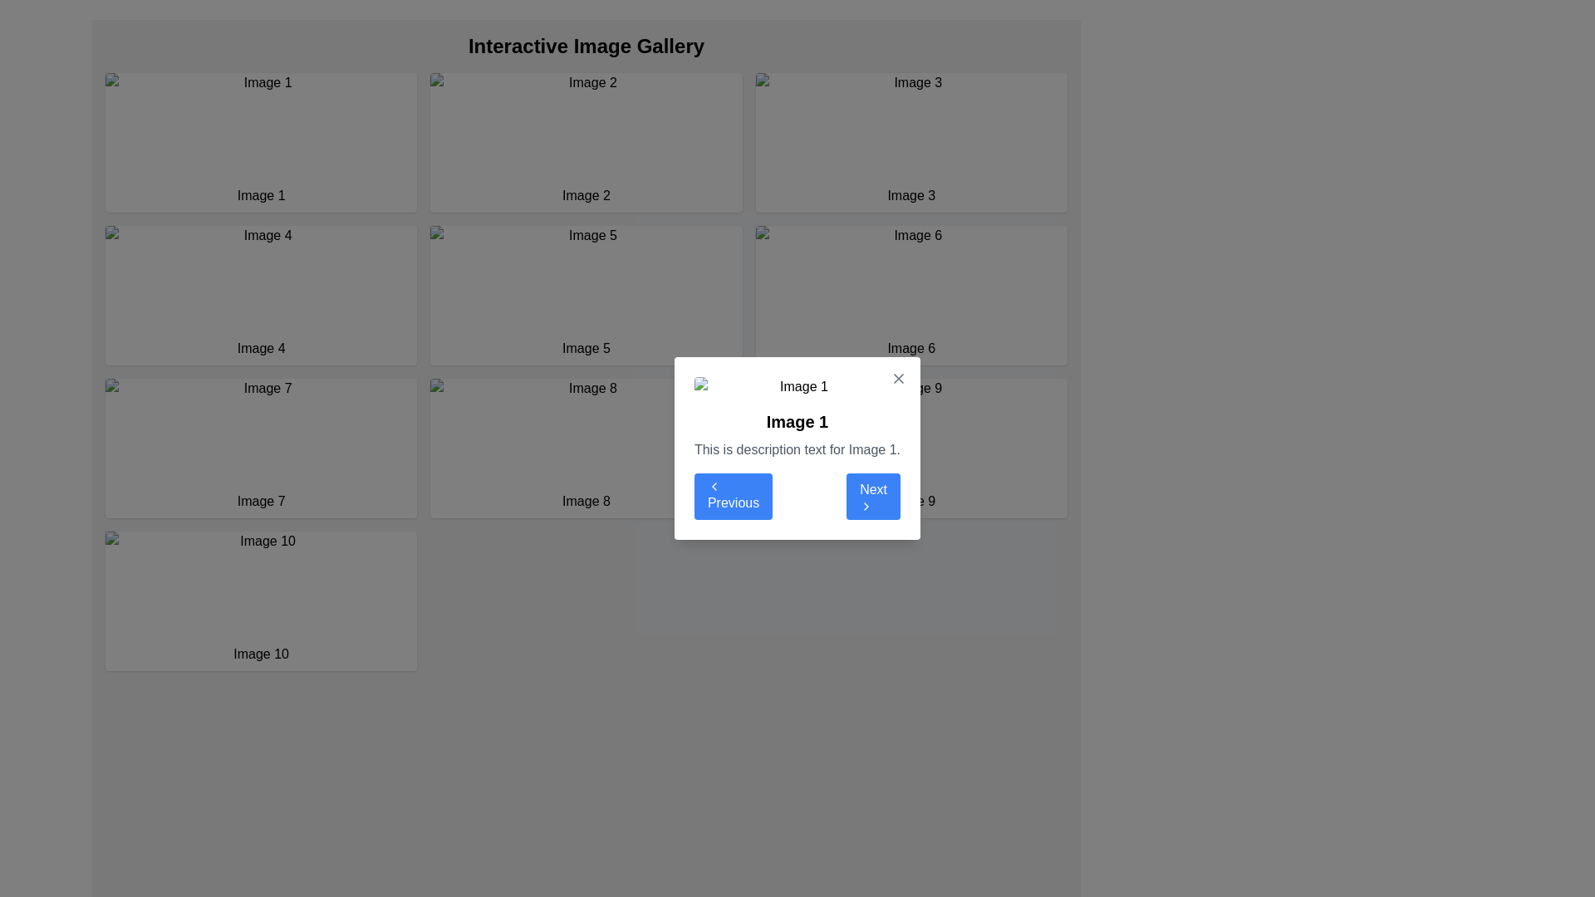 The width and height of the screenshot is (1595, 897). What do you see at coordinates (260, 125) in the screenshot?
I see `the placeholder image located in the first row and first column of the grid layout, which serves as a thumbnail or preview for 'Image 1'` at bounding box center [260, 125].